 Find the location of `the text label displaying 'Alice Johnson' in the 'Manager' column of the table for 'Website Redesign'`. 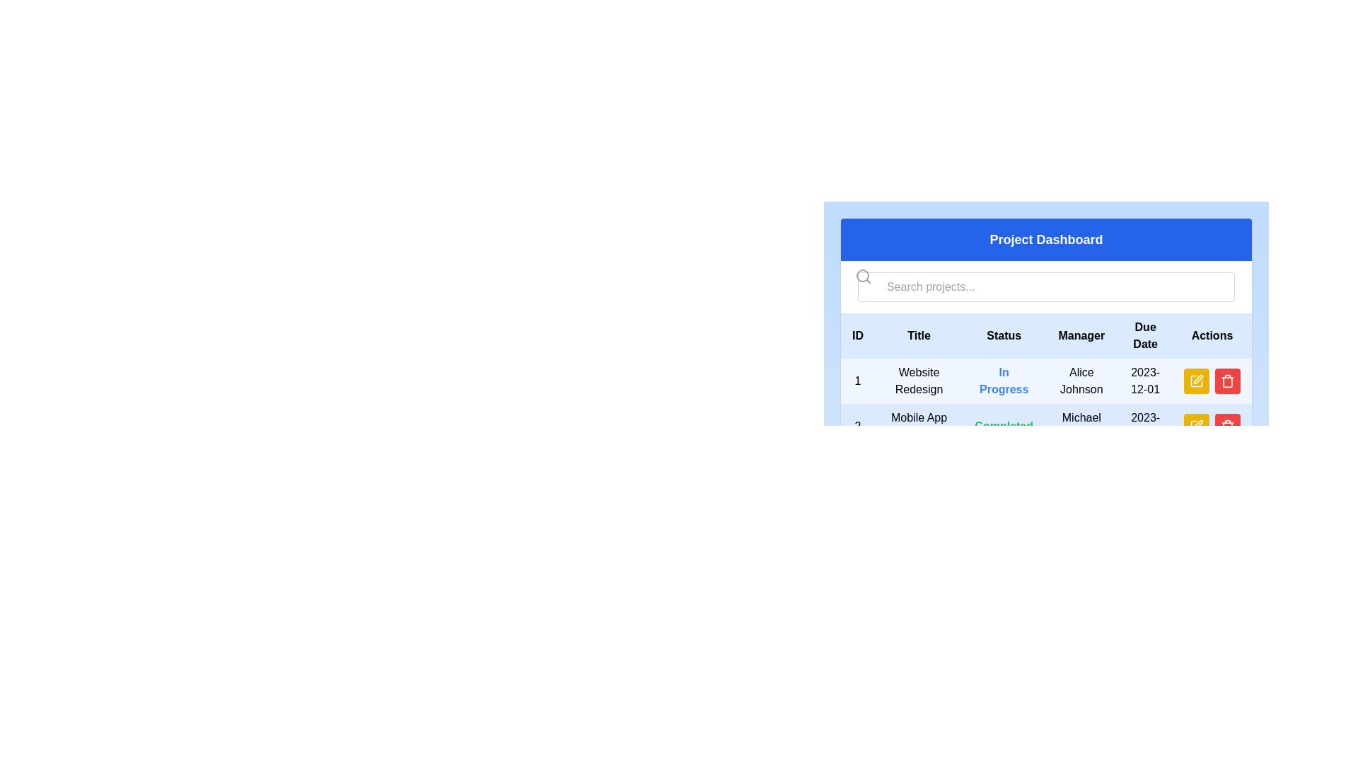

the text label displaying 'Alice Johnson' in the 'Manager' column of the table for 'Website Redesign' is located at coordinates (1081, 381).